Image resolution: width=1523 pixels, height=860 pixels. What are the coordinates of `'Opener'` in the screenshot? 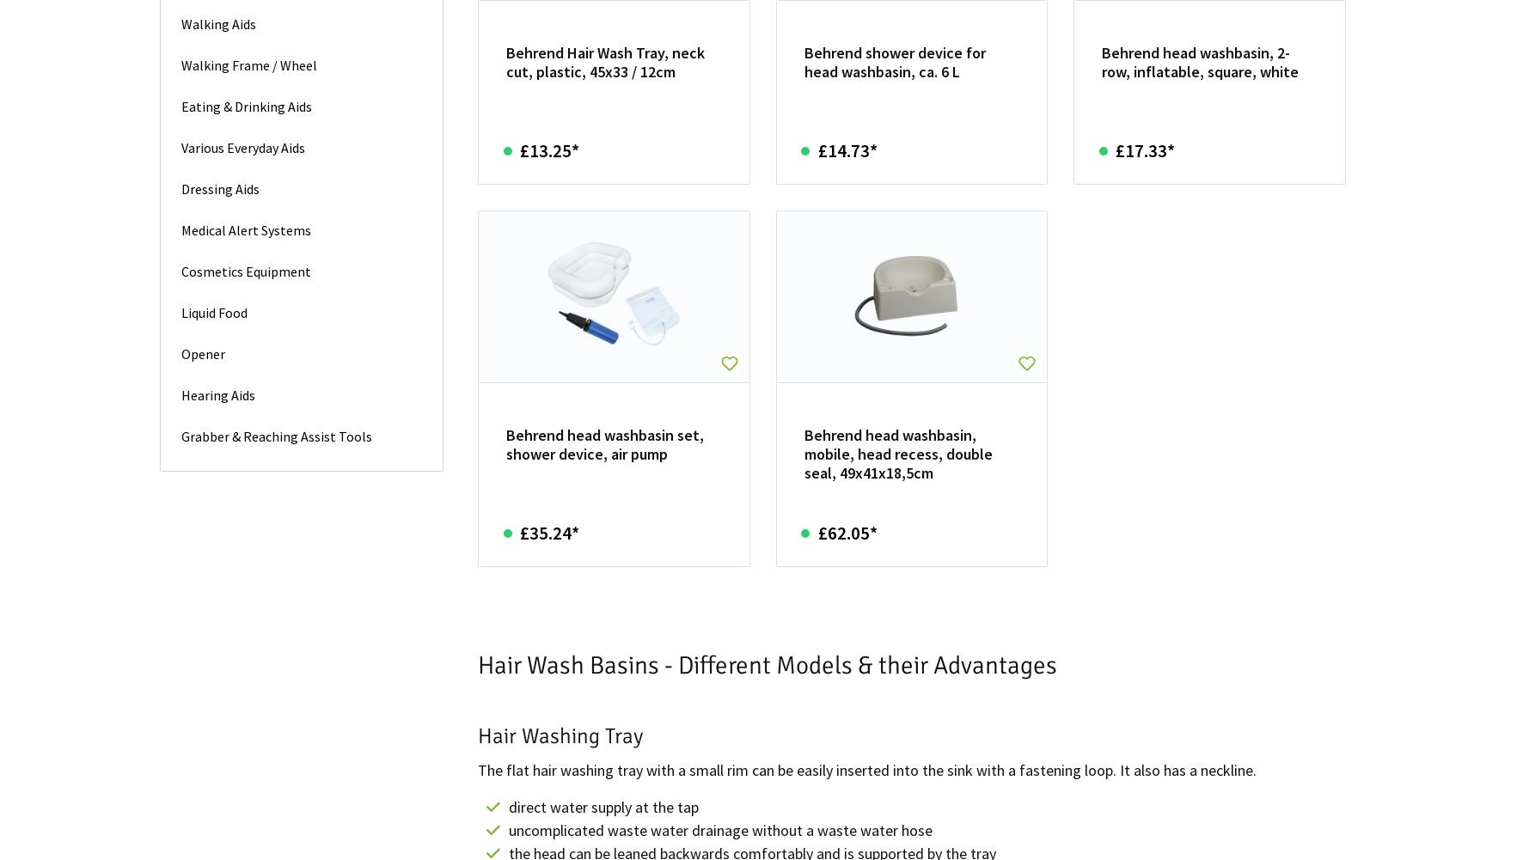 It's located at (202, 352).